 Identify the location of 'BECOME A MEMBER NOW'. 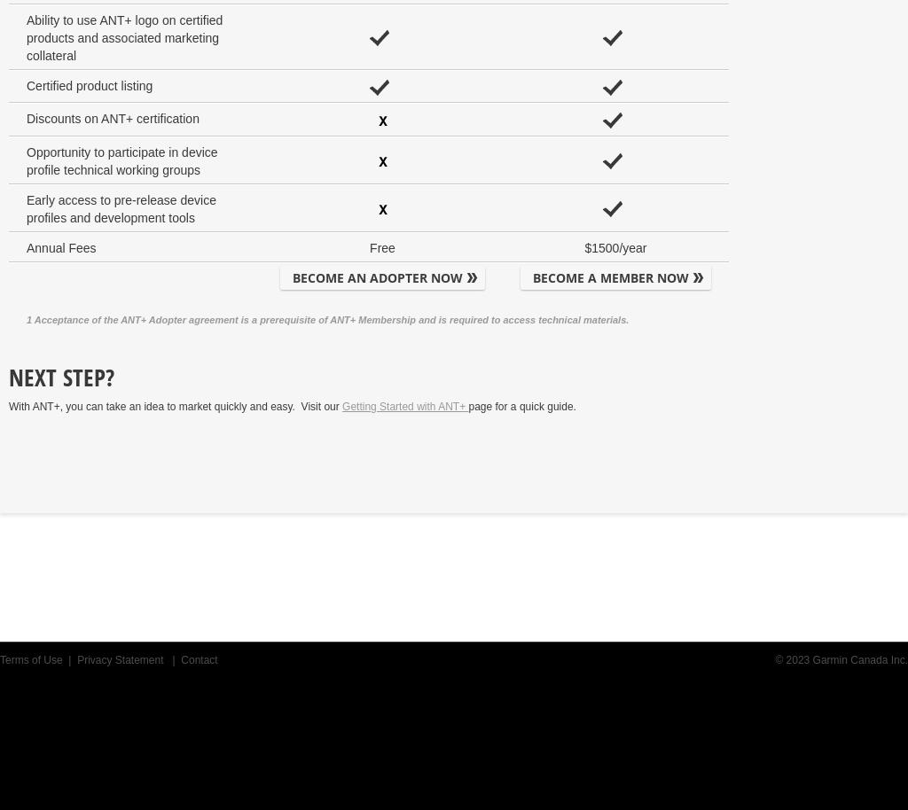
(611, 277).